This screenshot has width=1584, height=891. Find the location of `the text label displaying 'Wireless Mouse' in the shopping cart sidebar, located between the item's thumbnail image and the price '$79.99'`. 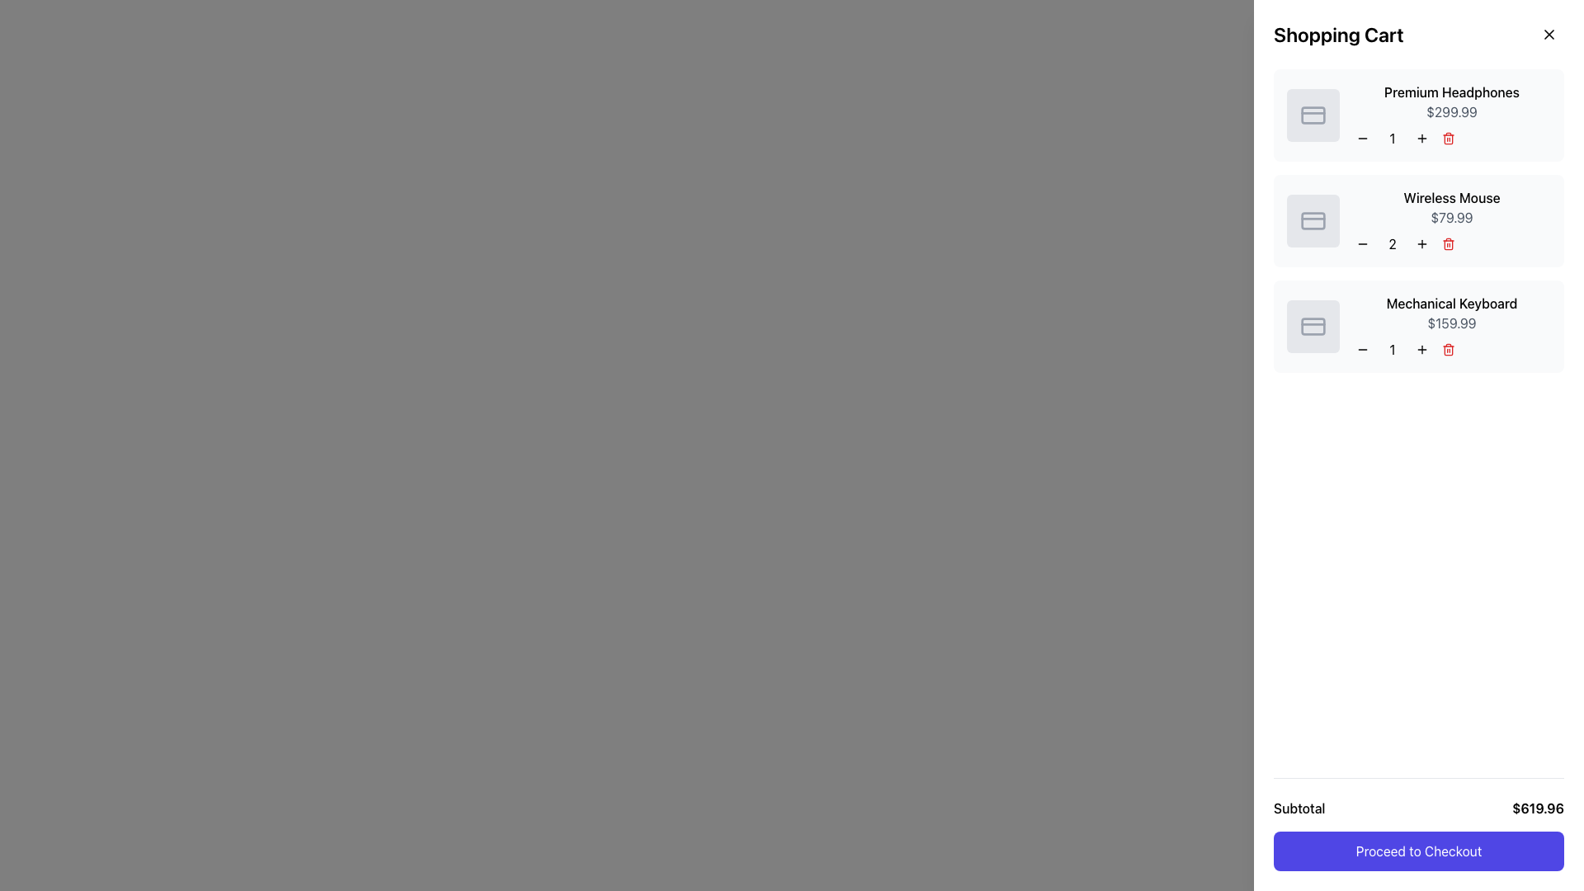

the text label displaying 'Wireless Mouse' in the shopping cart sidebar, located between the item's thumbnail image and the price '$79.99' is located at coordinates (1452, 196).